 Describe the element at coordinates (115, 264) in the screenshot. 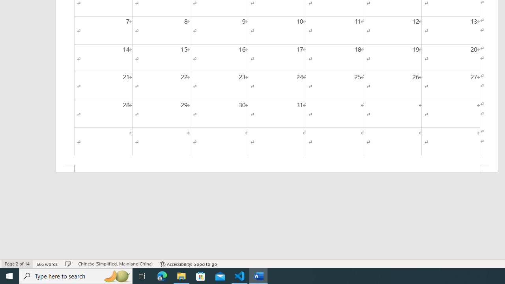

I see `'Language Chinese (Simplified, Mainland China)'` at that location.